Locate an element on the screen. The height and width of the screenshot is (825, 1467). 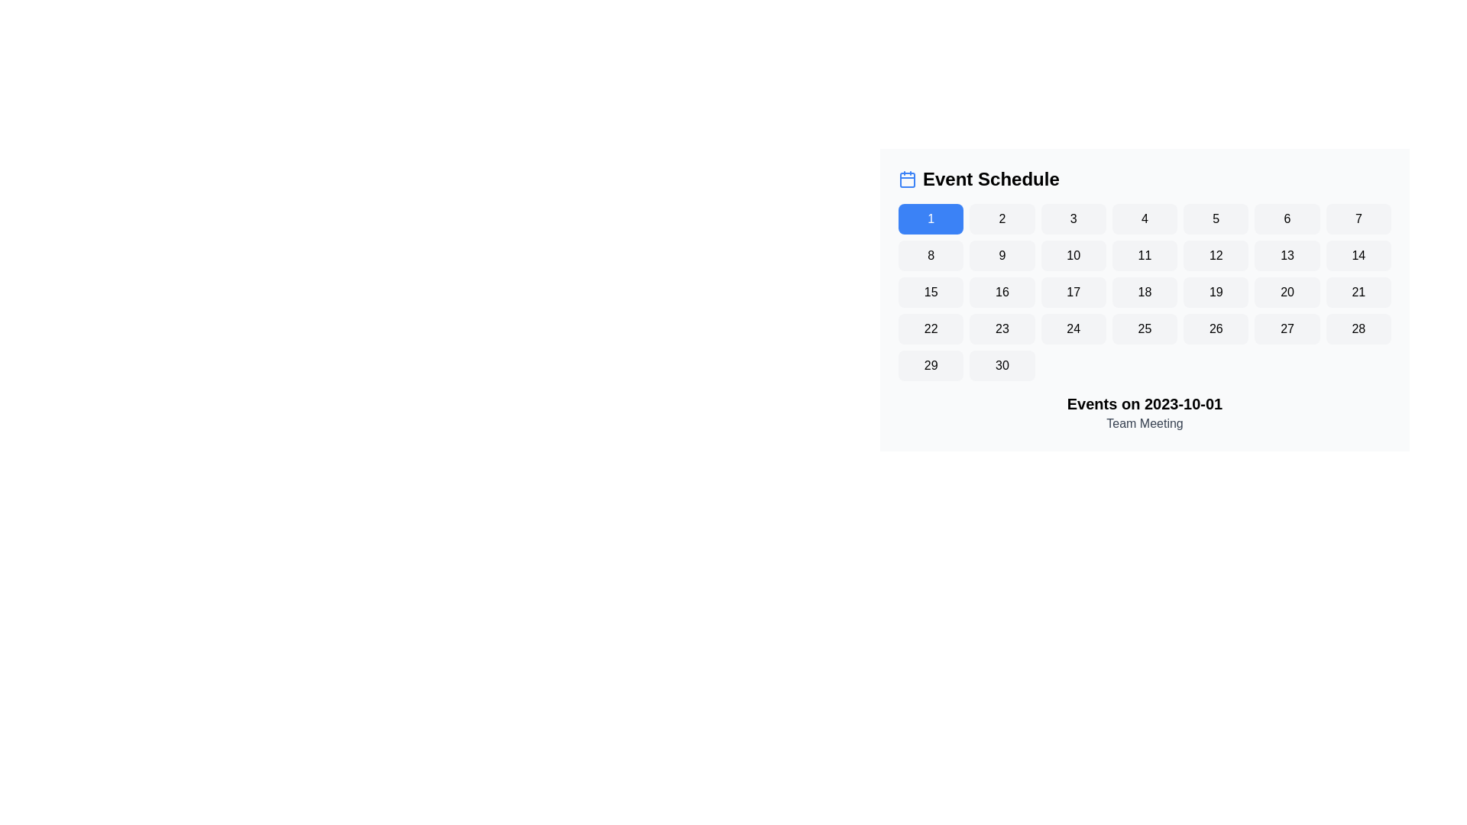
the interactive calendar day cell representing the 9th day is located at coordinates (1002, 255).